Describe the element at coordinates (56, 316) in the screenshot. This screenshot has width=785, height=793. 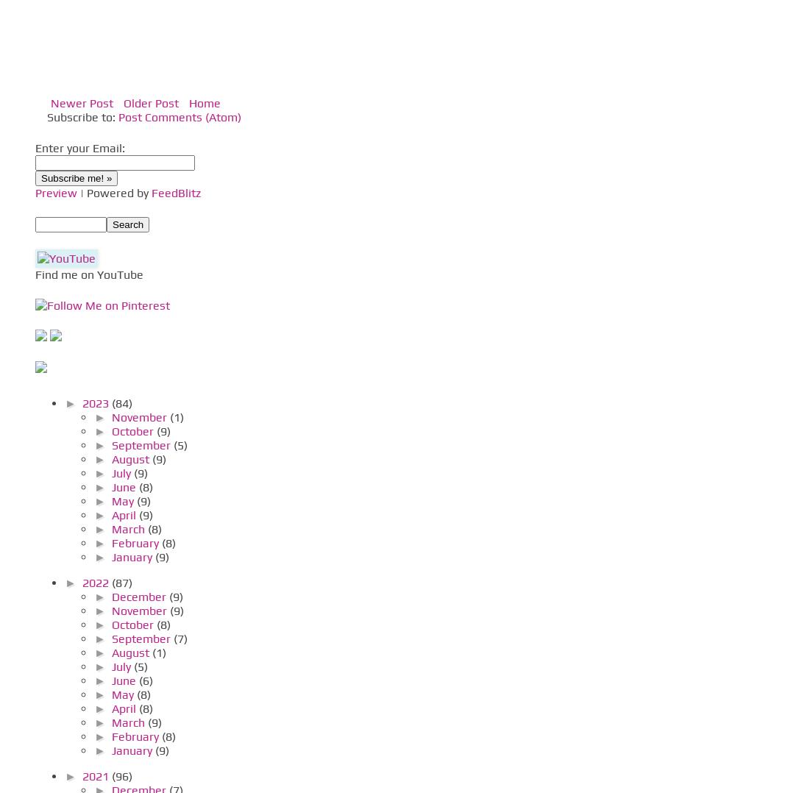
I see `'About Me'` at that location.